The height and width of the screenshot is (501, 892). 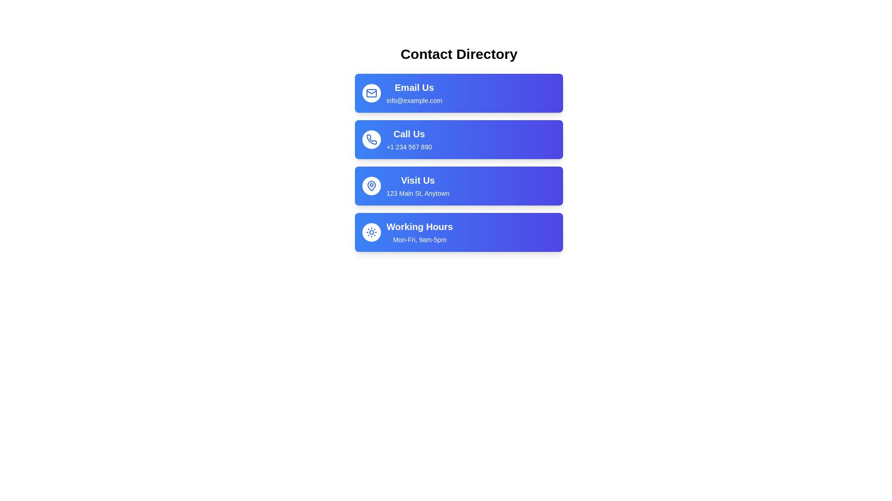 I want to click on the static text label displaying the phone number '+1 234 567 890' located in the 'Call Us' section, which is styled with white digits on a blue background, so click(x=409, y=146).